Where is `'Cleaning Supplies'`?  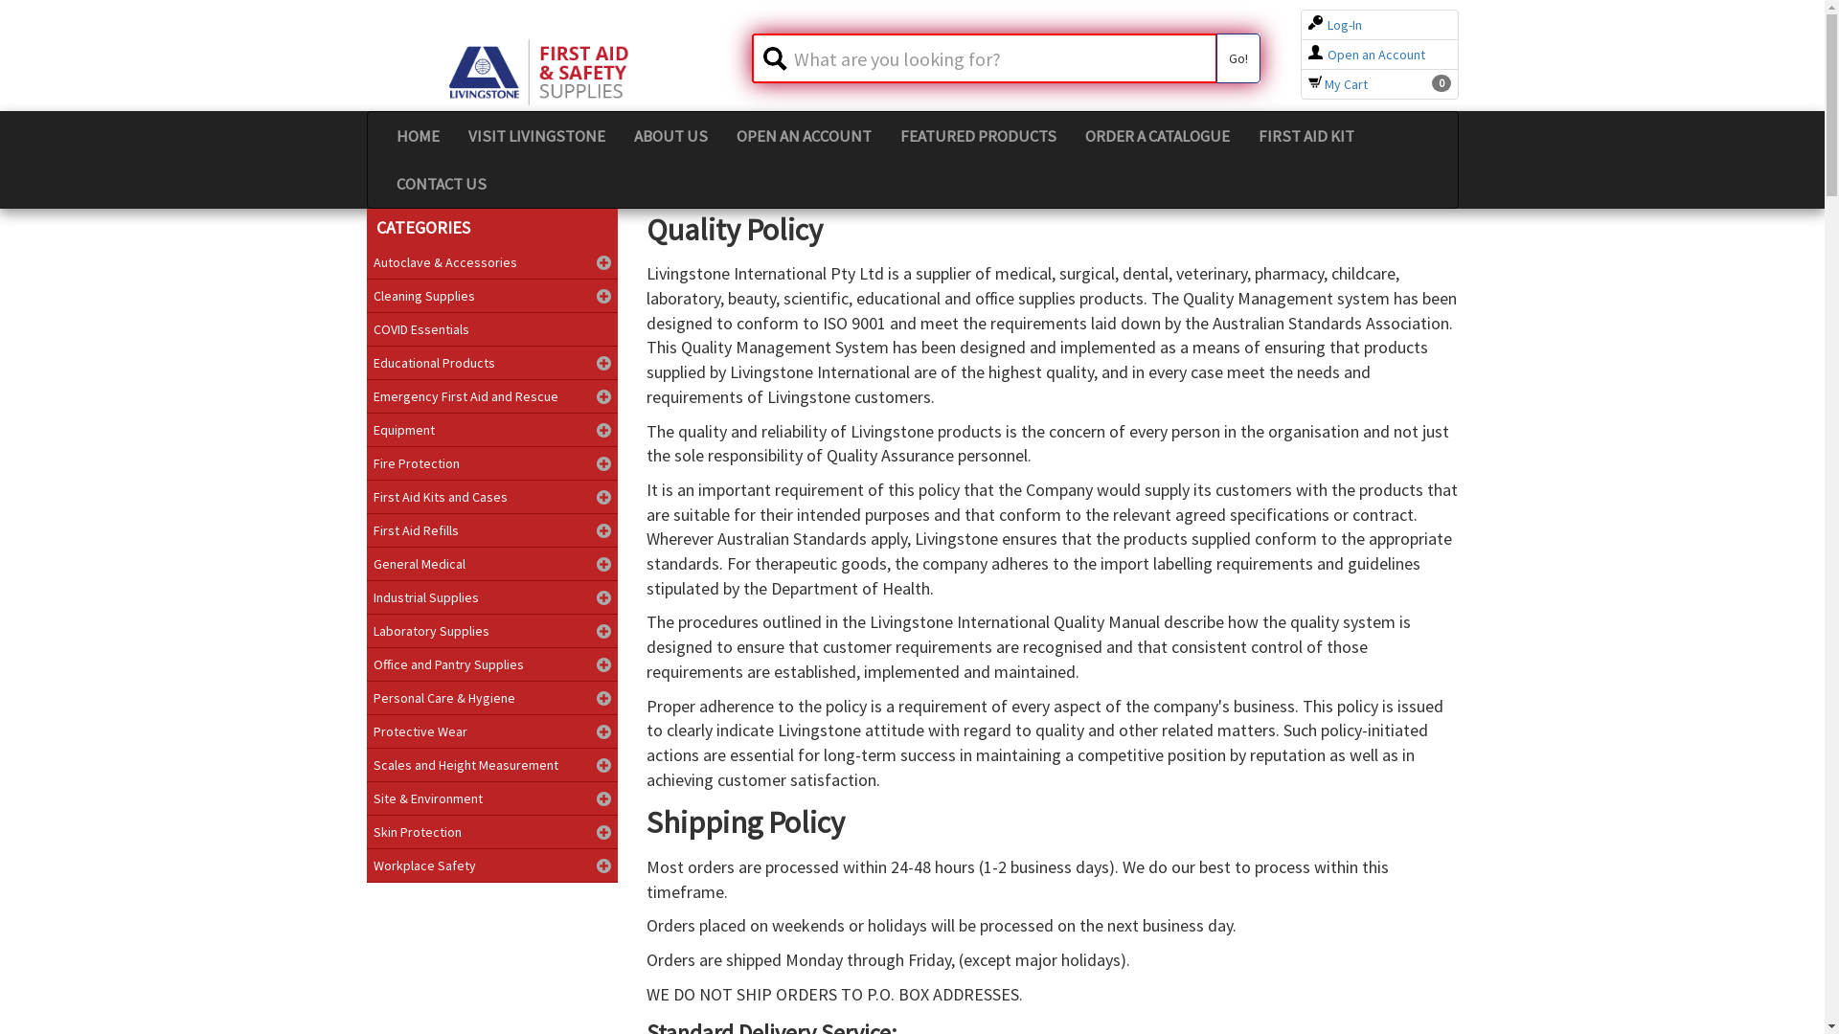
'Cleaning Supplies' is located at coordinates (491, 295).